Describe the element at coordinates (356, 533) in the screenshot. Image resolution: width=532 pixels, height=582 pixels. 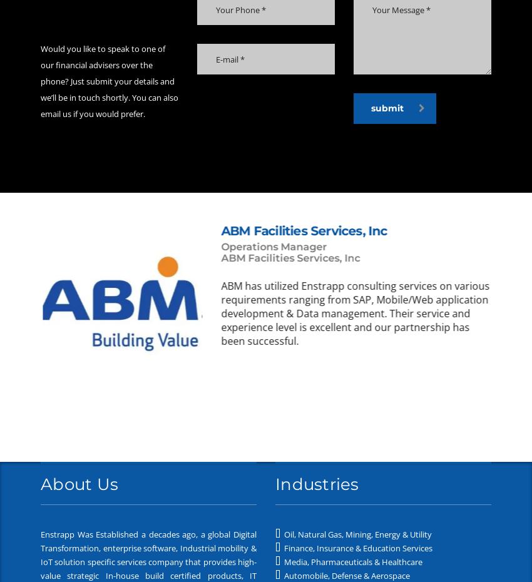
I see `'Oil, Natural Gas, Mining, Energy & Utility'` at that location.